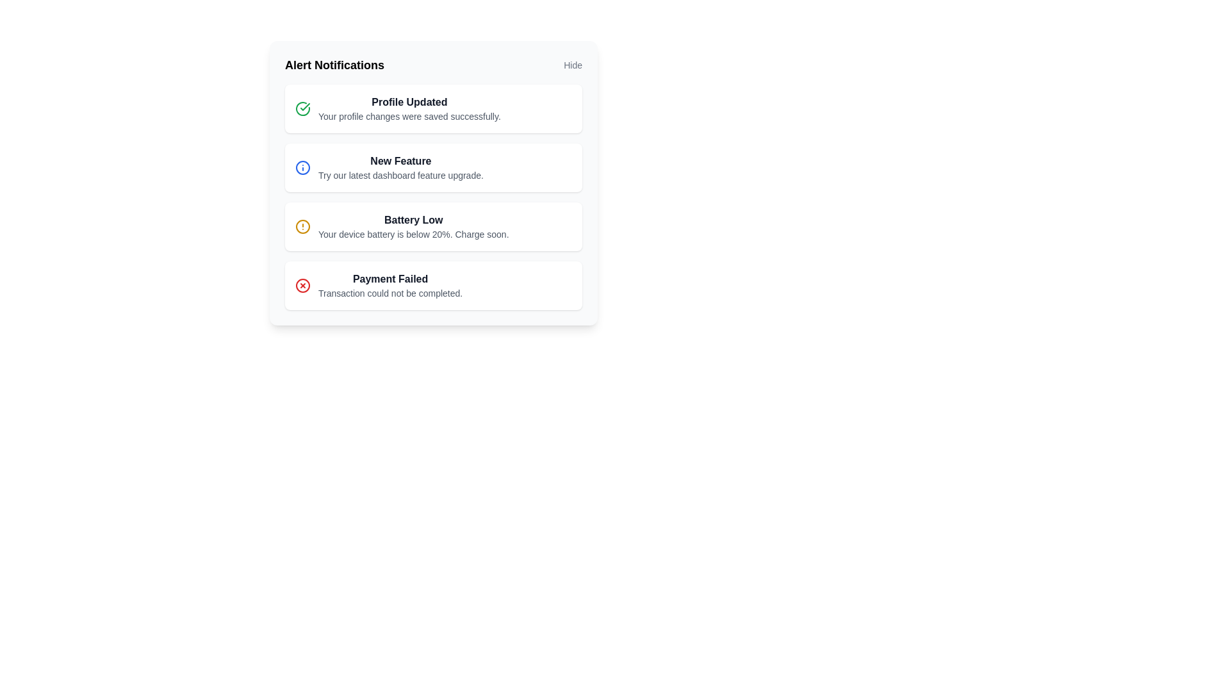 This screenshot has width=1230, height=692. What do you see at coordinates (389, 278) in the screenshot?
I see `the text label that serves as the header for the failed payment notification, which is positioned immediately above the line reading 'Transaction could not be completed.'` at bounding box center [389, 278].